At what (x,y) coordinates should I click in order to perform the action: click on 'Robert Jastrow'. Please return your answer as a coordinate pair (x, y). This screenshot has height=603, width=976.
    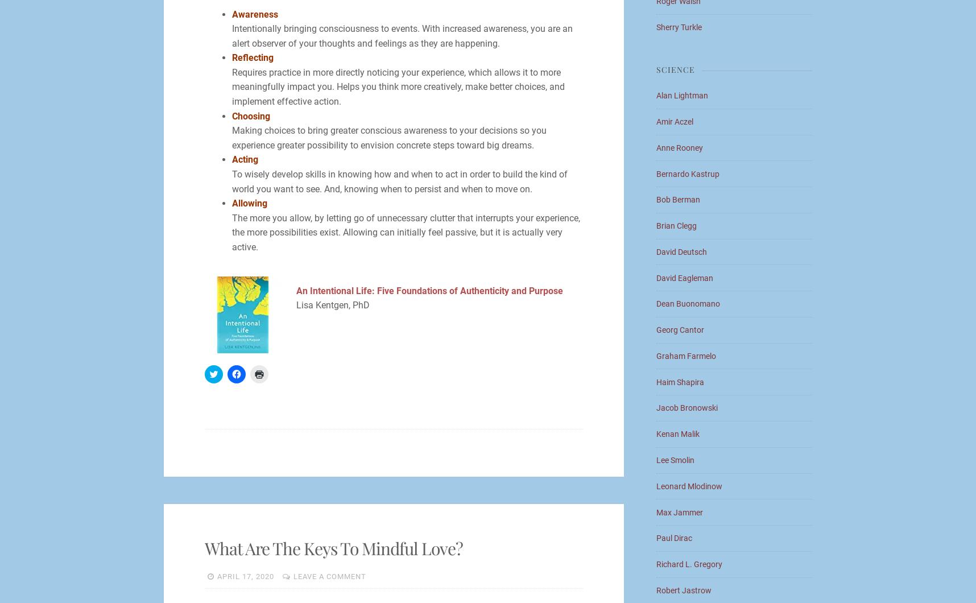
    Looking at the image, I should click on (684, 589).